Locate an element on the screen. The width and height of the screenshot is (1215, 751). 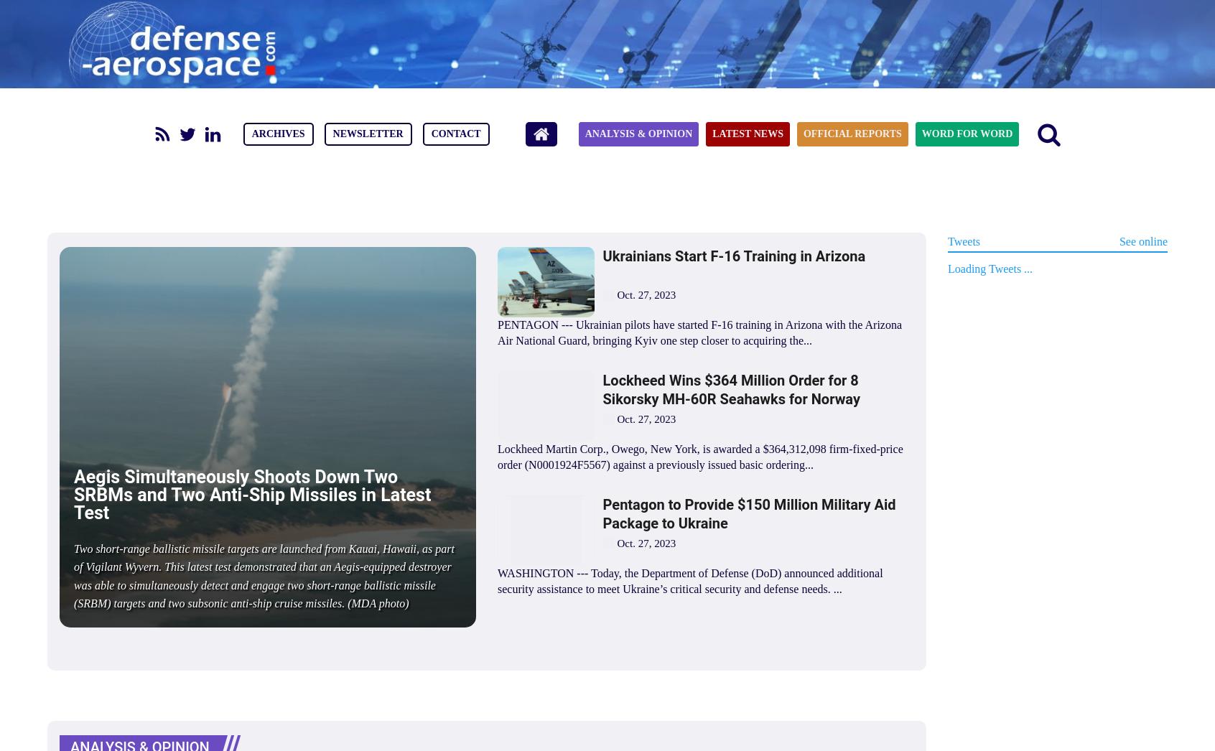
'Latest news' is located at coordinates (746, 134).